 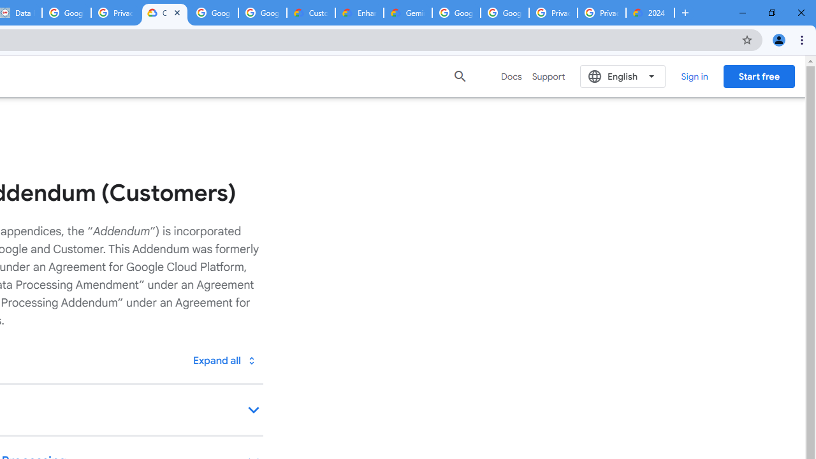 What do you see at coordinates (311, 13) in the screenshot?
I see `'Customer Care | Google Cloud'` at bounding box center [311, 13].